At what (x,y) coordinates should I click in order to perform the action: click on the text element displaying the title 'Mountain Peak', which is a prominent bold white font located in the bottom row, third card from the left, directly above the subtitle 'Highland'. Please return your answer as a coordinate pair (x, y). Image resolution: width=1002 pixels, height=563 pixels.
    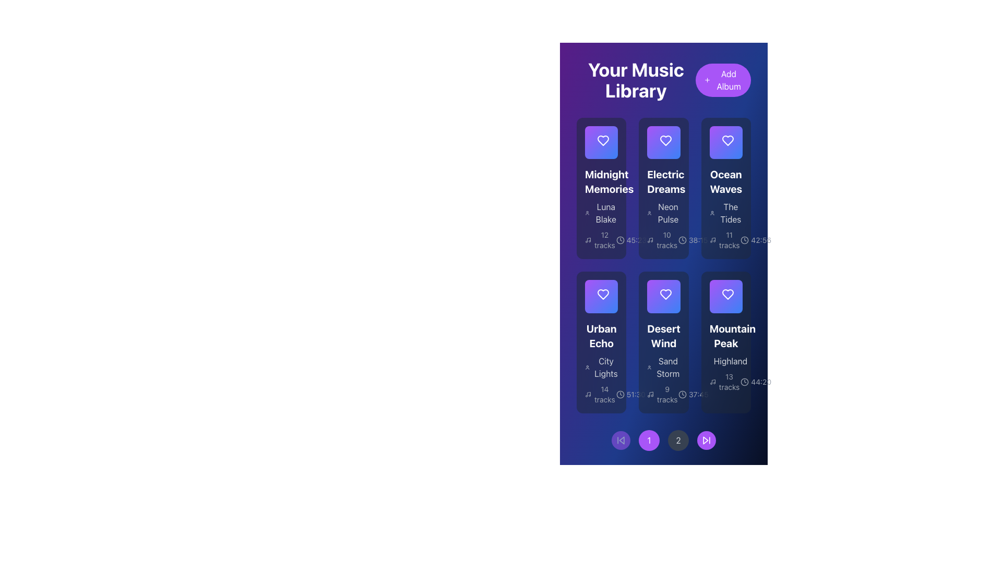
    Looking at the image, I should click on (725, 336).